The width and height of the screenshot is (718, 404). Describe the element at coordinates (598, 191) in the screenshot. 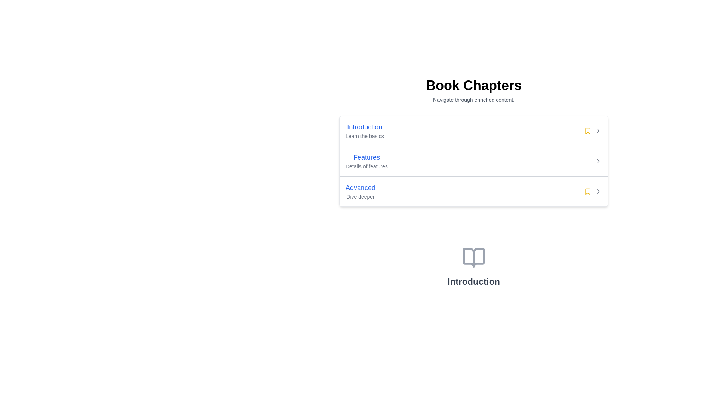

I see `the right-pointing chevron icon within the SVG that is part of the 'Features' row` at that location.